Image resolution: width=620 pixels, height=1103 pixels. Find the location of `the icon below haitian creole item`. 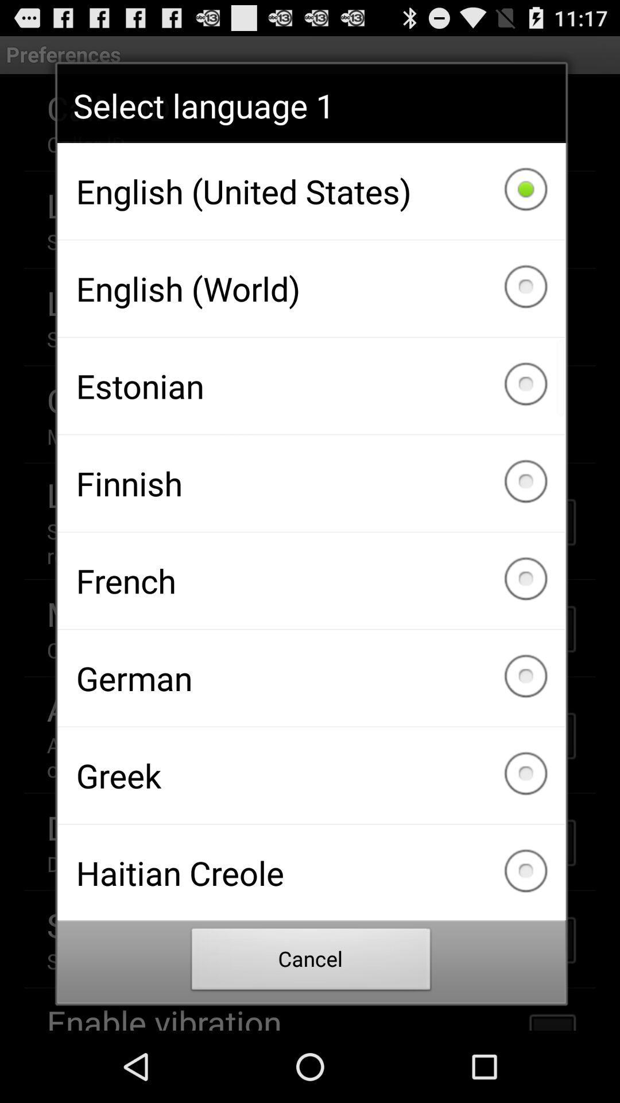

the icon below haitian creole item is located at coordinates (311, 962).